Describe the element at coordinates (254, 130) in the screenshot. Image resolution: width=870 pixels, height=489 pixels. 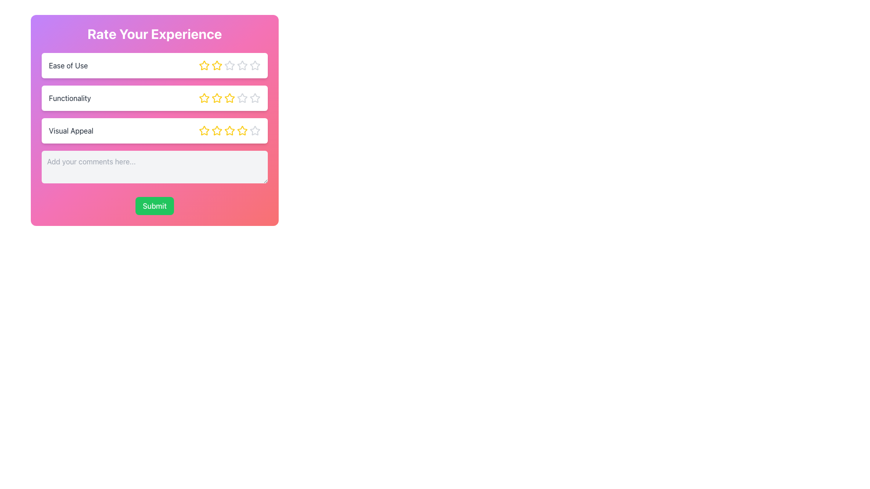
I see `the fifth star icon in the rating system for 'Visual Appeal'` at that location.